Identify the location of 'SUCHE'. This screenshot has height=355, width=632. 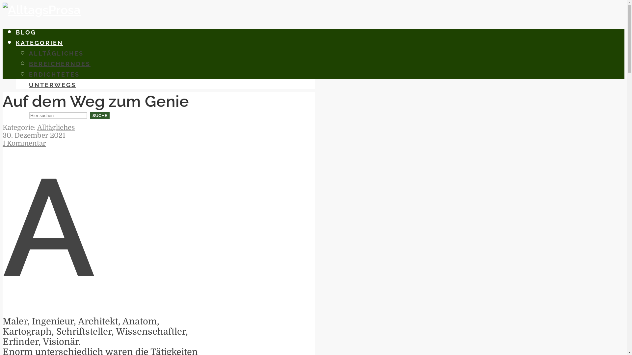
(99, 115).